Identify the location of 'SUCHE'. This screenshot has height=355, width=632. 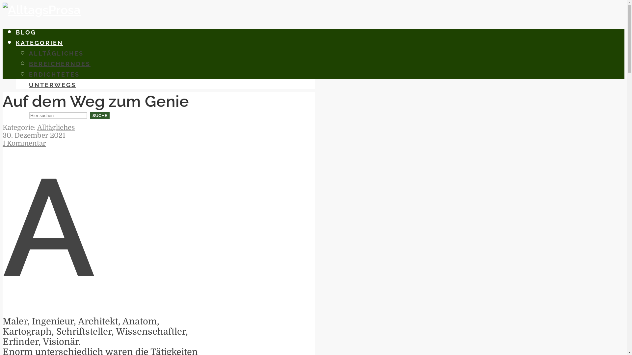
(99, 115).